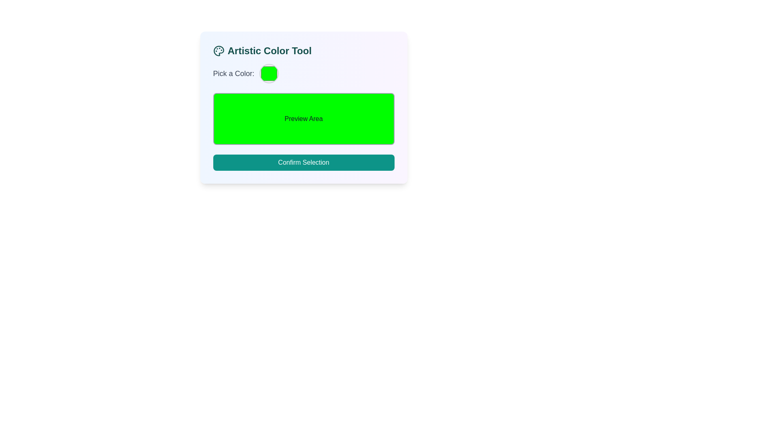 The width and height of the screenshot is (777, 437). I want to click on the circular Color Picker Option with a vivid green fill and gray border, so click(268, 73).